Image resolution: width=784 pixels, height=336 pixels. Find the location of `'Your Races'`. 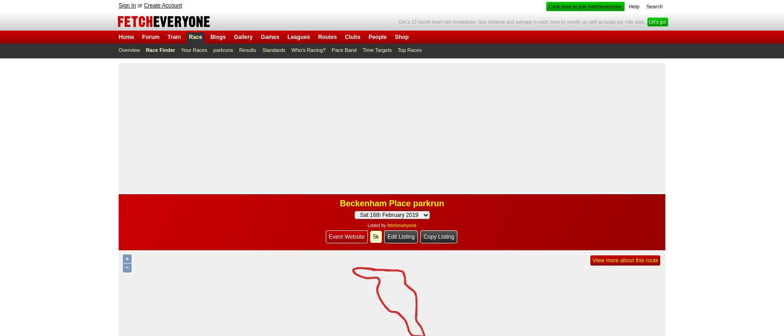

'Your Races' is located at coordinates (194, 50).